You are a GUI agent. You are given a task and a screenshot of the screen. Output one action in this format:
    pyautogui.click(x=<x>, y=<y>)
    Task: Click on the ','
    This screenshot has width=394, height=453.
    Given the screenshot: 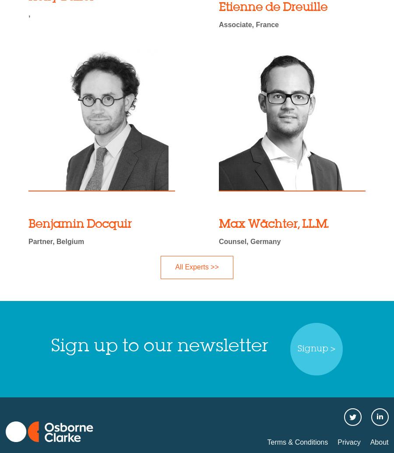 What is the action you would take?
    pyautogui.click(x=28, y=14)
    